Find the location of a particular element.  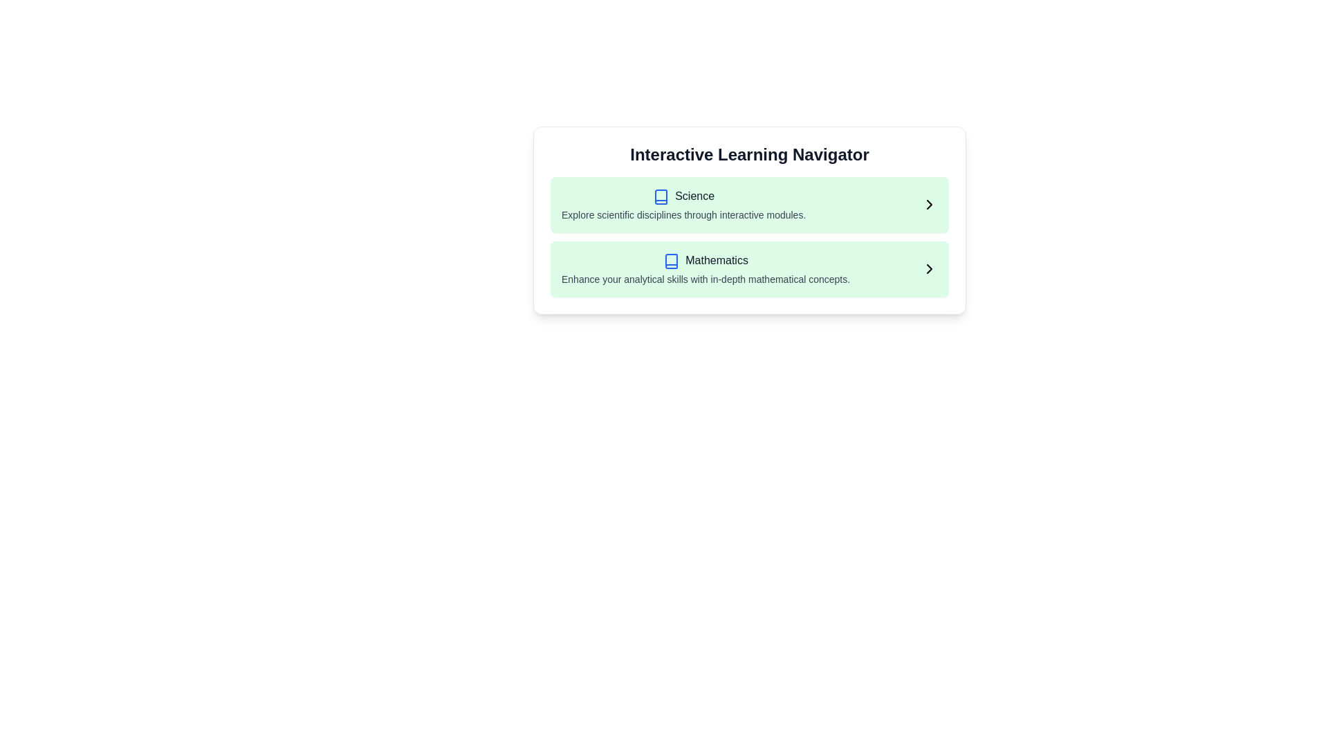

the Chevron (Right Direction) icon located at the far-right end of the green-highlighted tile labeled 'Science' is located at coordinates (930, 205).